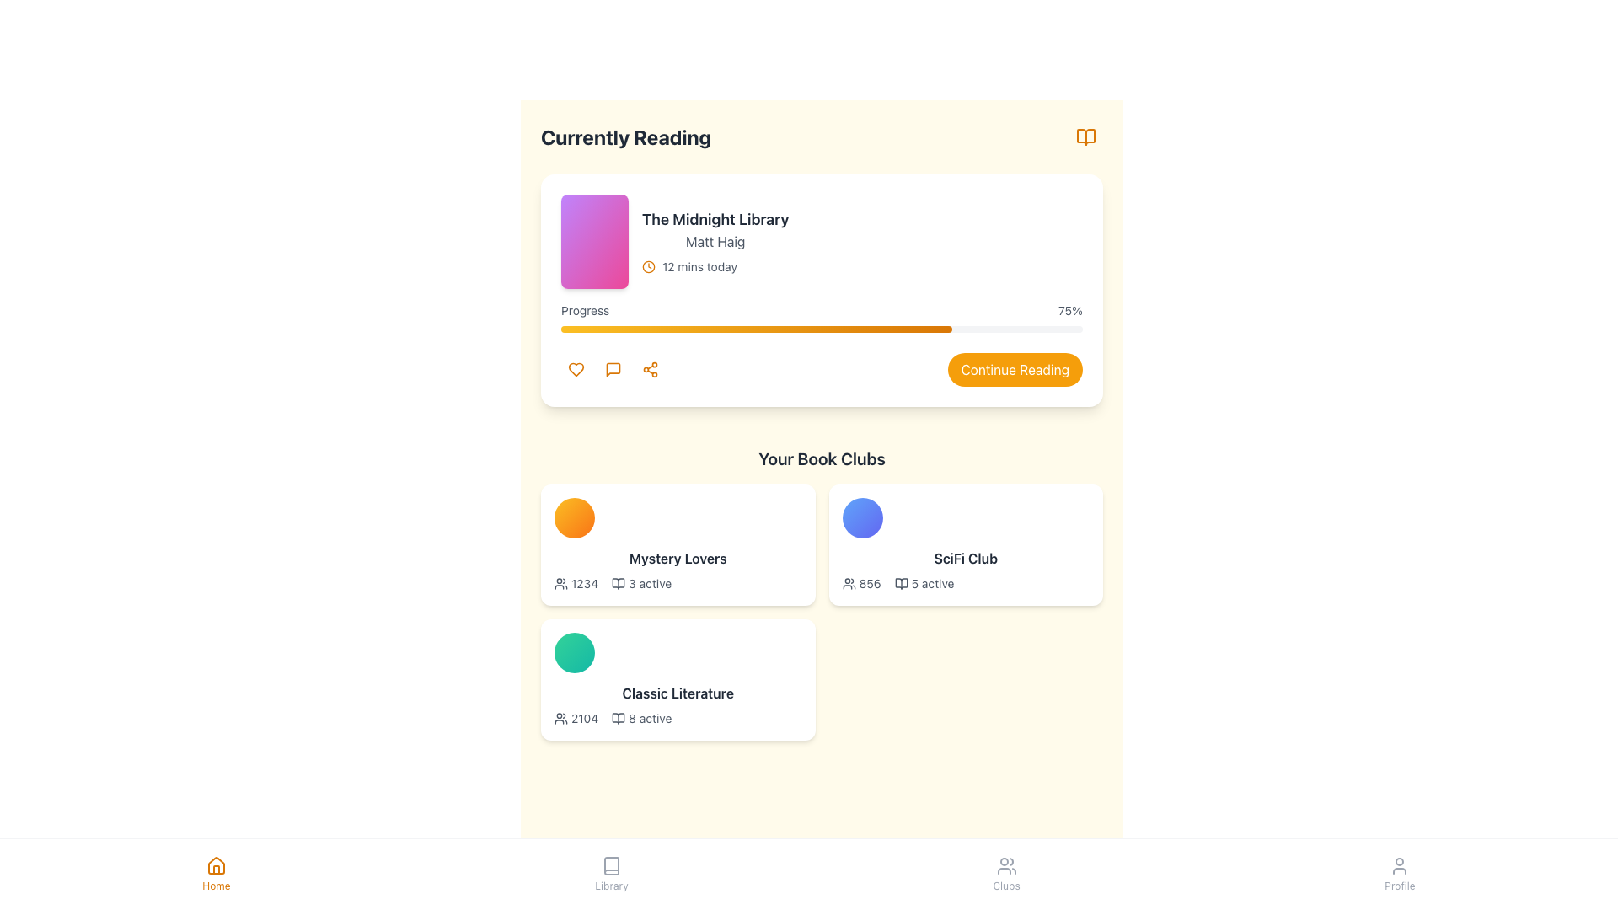 The height and width of the screenshot is (910, 1618). I want to click on the text displaying the number '856' with the accompanying icon of stylized people in the second card titled 'SciFi Club' within the 'Your Book Clubs' section for additional details, so click(861, 583).